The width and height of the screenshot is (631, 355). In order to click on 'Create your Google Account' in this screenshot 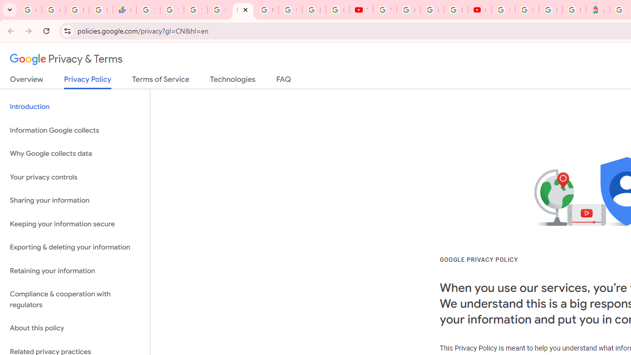, I will do `click(432, 10)`.